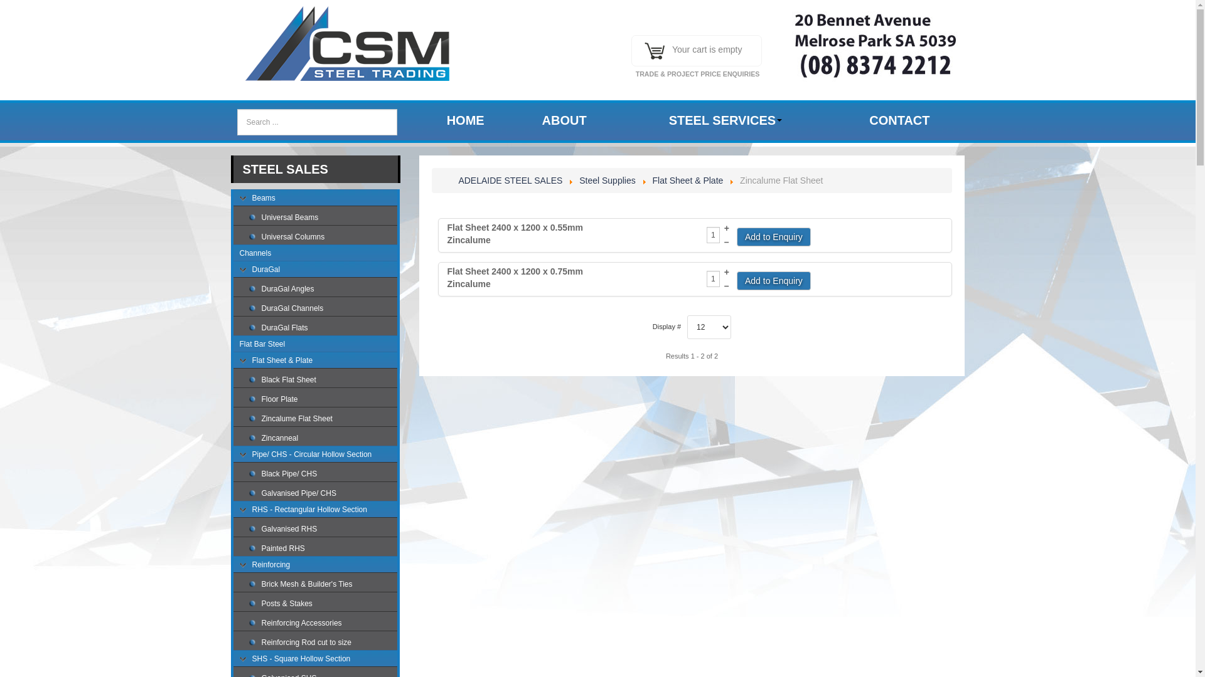  I want to click on 'DuraGal Angles', so click(323, 290).